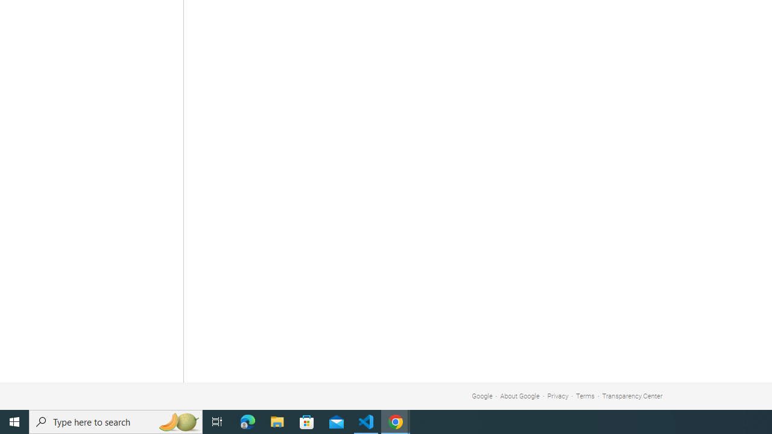  Describe the element at coordinates (557, 396) in the screenshot. I see `'Privacy'` at that location.